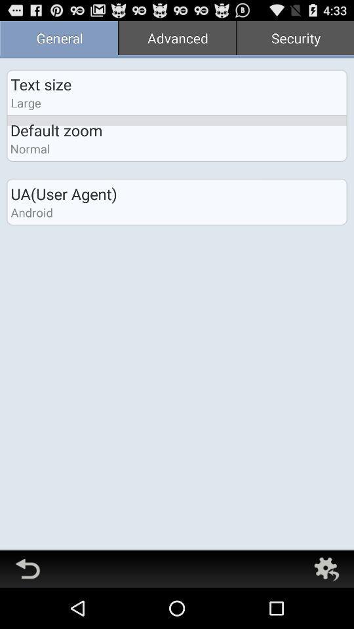 This screenshot has height=629, width=354. I want to click on the app to the left of the security app, so click(177, 39).